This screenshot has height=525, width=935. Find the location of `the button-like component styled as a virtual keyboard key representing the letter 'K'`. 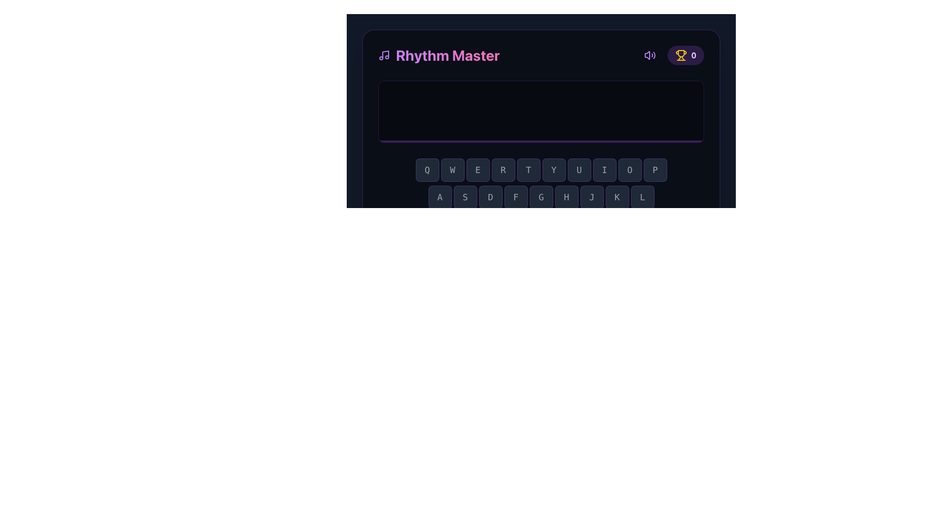

the button-like component styled as a virtual keyboard key representing the letter 'K' is located at coordinates (617, 197).